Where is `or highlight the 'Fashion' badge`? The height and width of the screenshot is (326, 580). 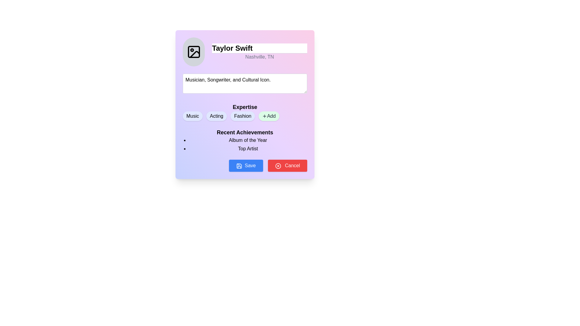
or highlight the 'Fashion' badge is located at coordinates (243, 116).